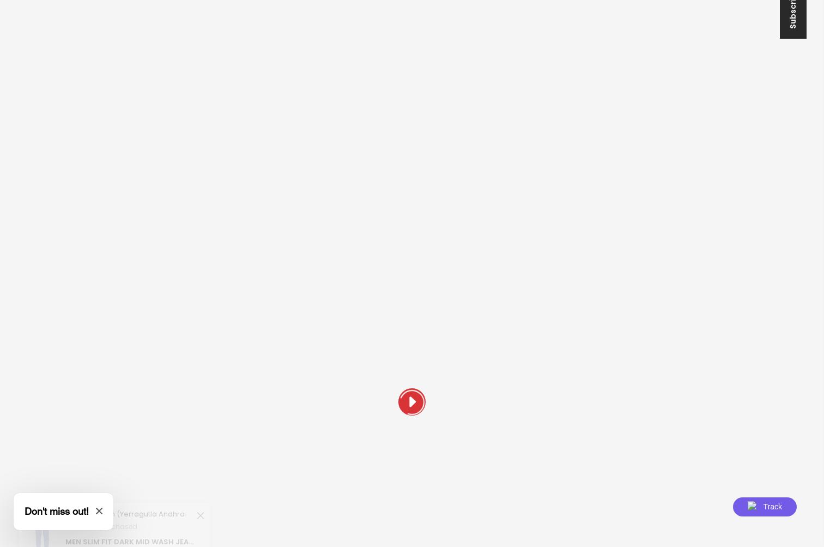 The height and width of the screenshot is (547, 824). Describe the element at coordinates (569, 182) in the screenshot. I see `'Newsletter Signup'` at that location.